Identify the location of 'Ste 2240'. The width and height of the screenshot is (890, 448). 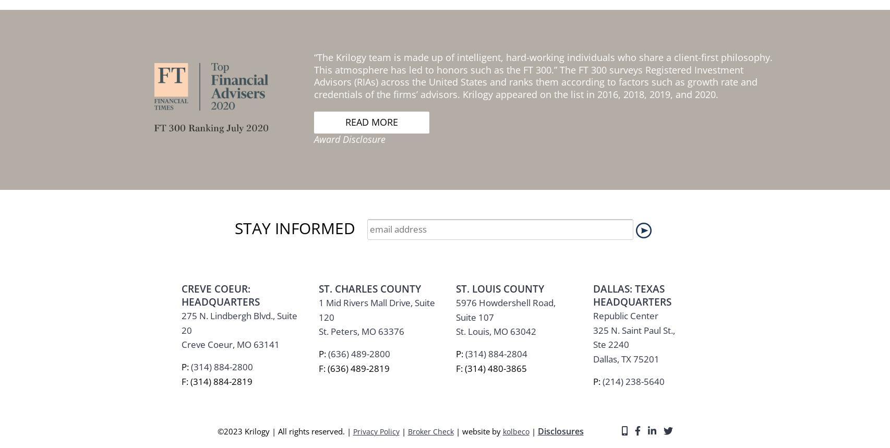
(610, 69).